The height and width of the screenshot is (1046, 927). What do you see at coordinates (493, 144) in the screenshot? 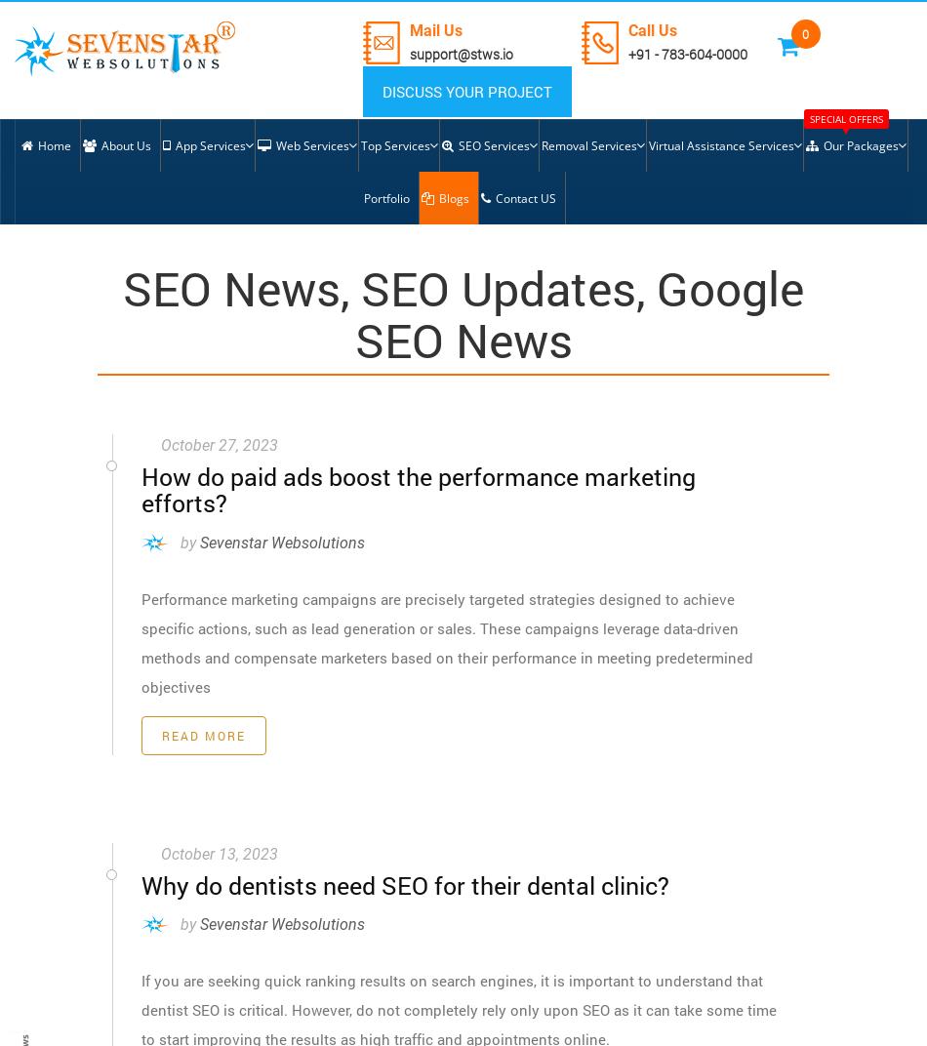
I see `'SEO Services'` at bounding box center [493, 144].